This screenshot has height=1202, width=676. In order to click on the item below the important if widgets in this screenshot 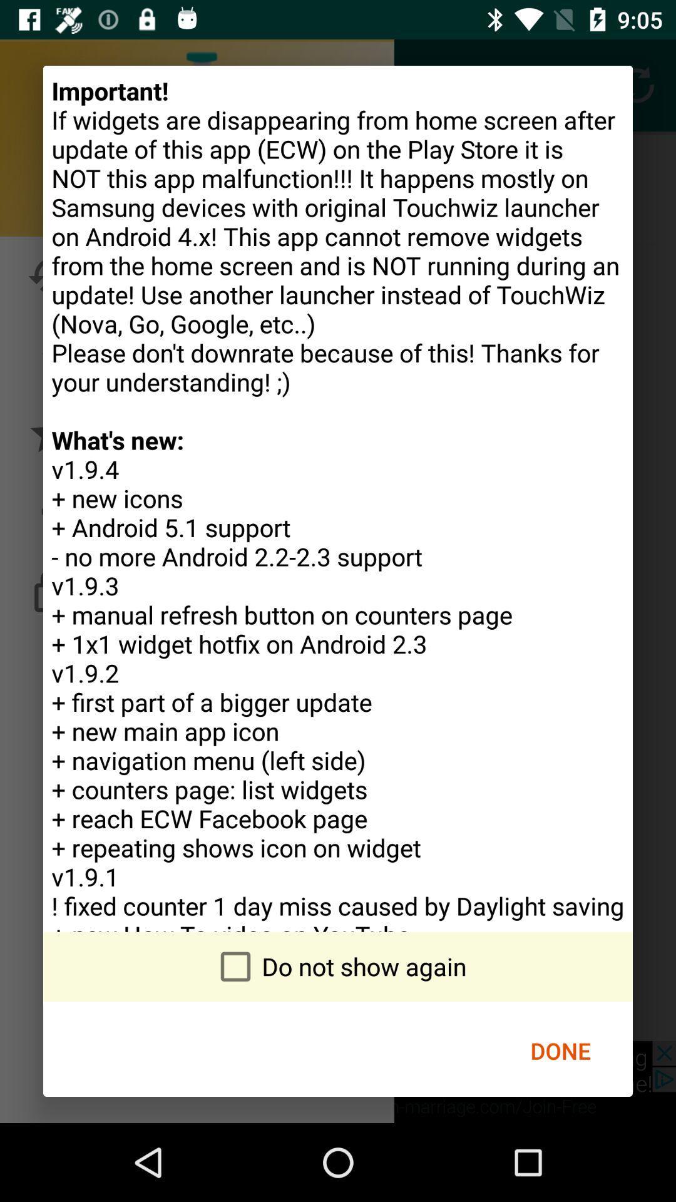, I will do `click(338, 966)`.